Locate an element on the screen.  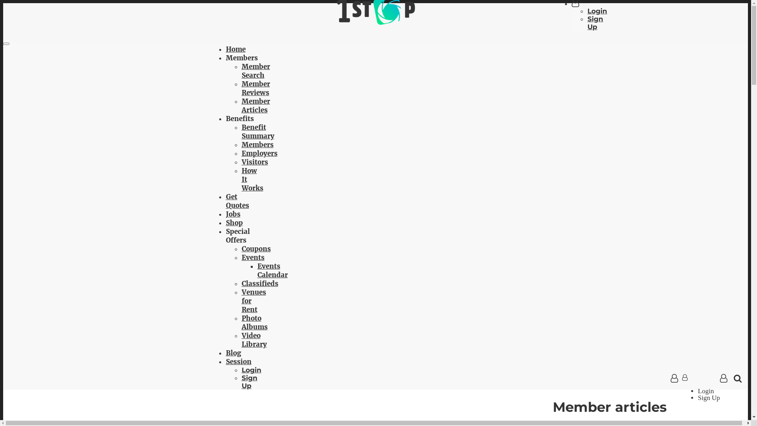
'Employers' is located at coordinates (259, 153).